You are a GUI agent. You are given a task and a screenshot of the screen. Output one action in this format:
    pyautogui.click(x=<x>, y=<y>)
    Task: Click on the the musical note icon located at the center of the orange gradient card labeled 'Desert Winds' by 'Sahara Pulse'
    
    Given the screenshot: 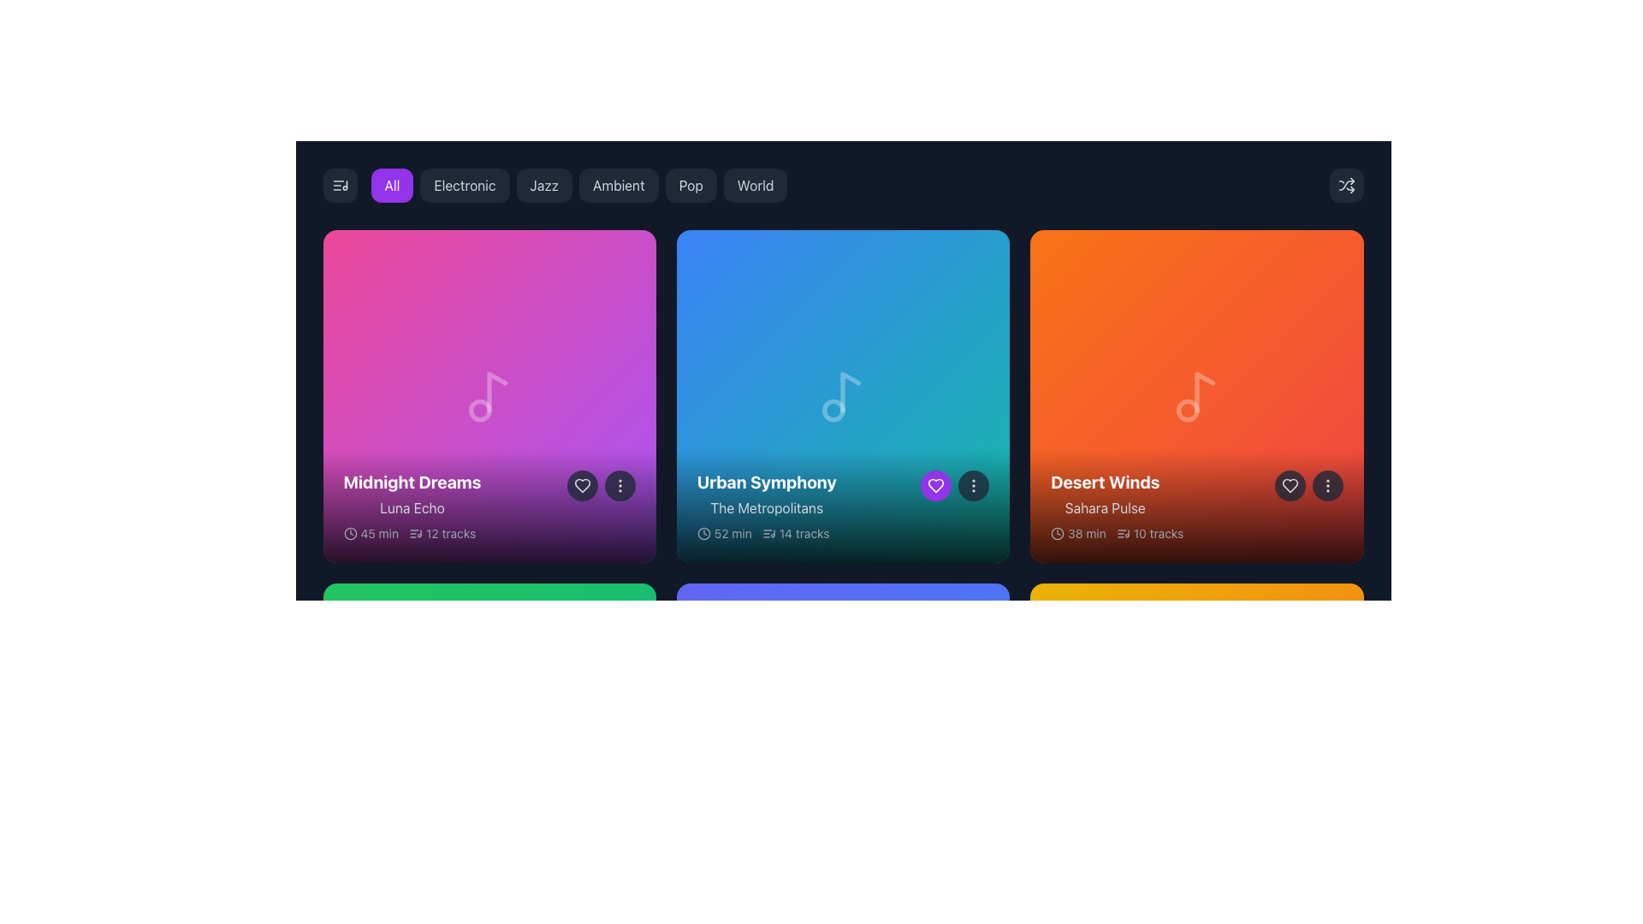 What is the action you would take?
    pyautogui.click(x=1195, y=396)
    